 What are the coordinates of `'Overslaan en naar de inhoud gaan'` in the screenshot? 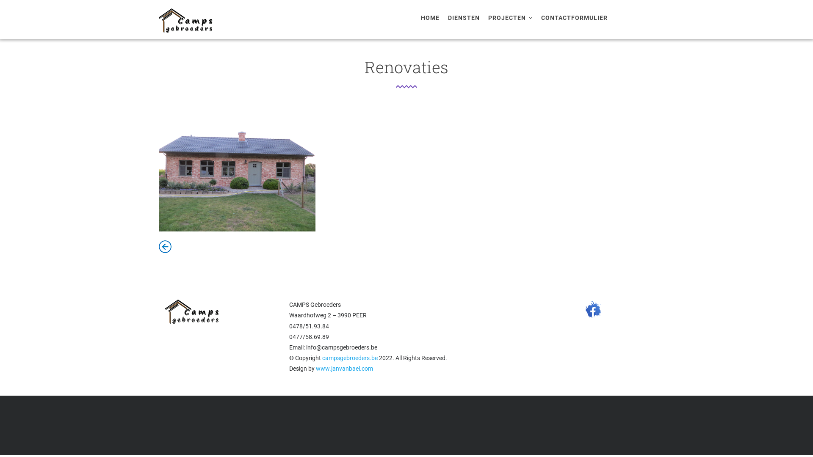 It's located at (0, 0).